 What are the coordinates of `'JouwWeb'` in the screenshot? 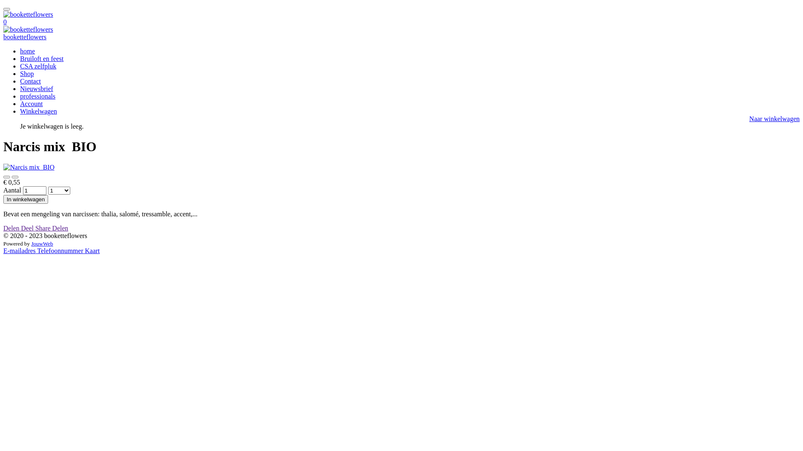 It's located at (41, 243).